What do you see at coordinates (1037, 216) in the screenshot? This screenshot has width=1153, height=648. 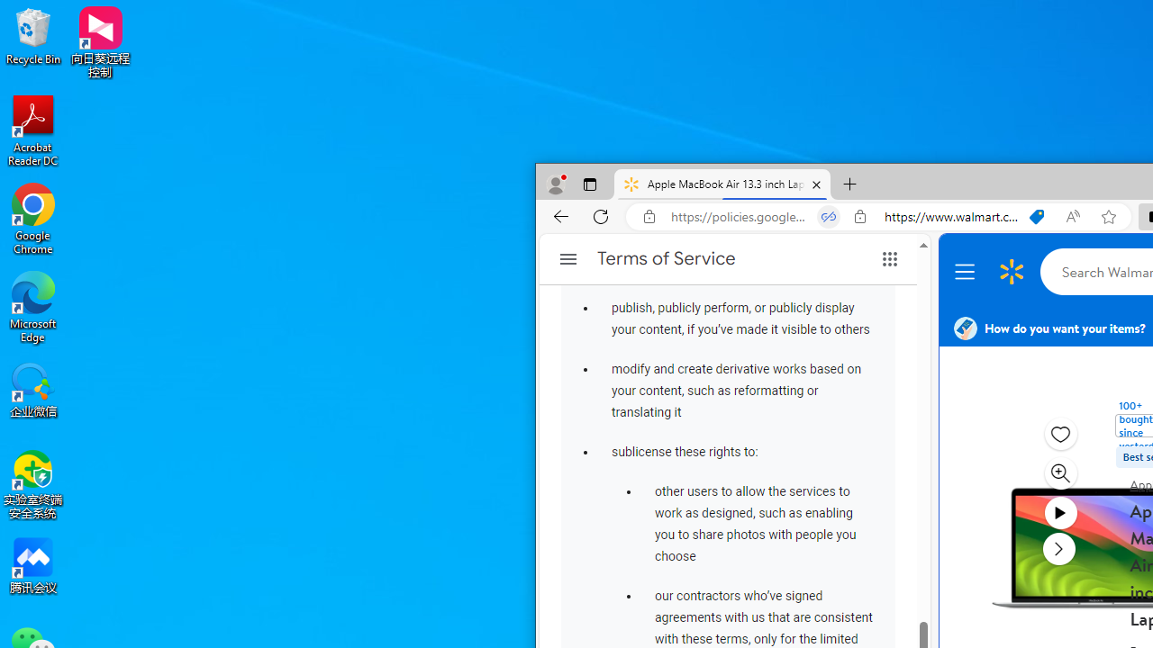 I see `'This site has coupons! Shopping in Microsoft Edge, 7'` at bounding box center [1037, 216].